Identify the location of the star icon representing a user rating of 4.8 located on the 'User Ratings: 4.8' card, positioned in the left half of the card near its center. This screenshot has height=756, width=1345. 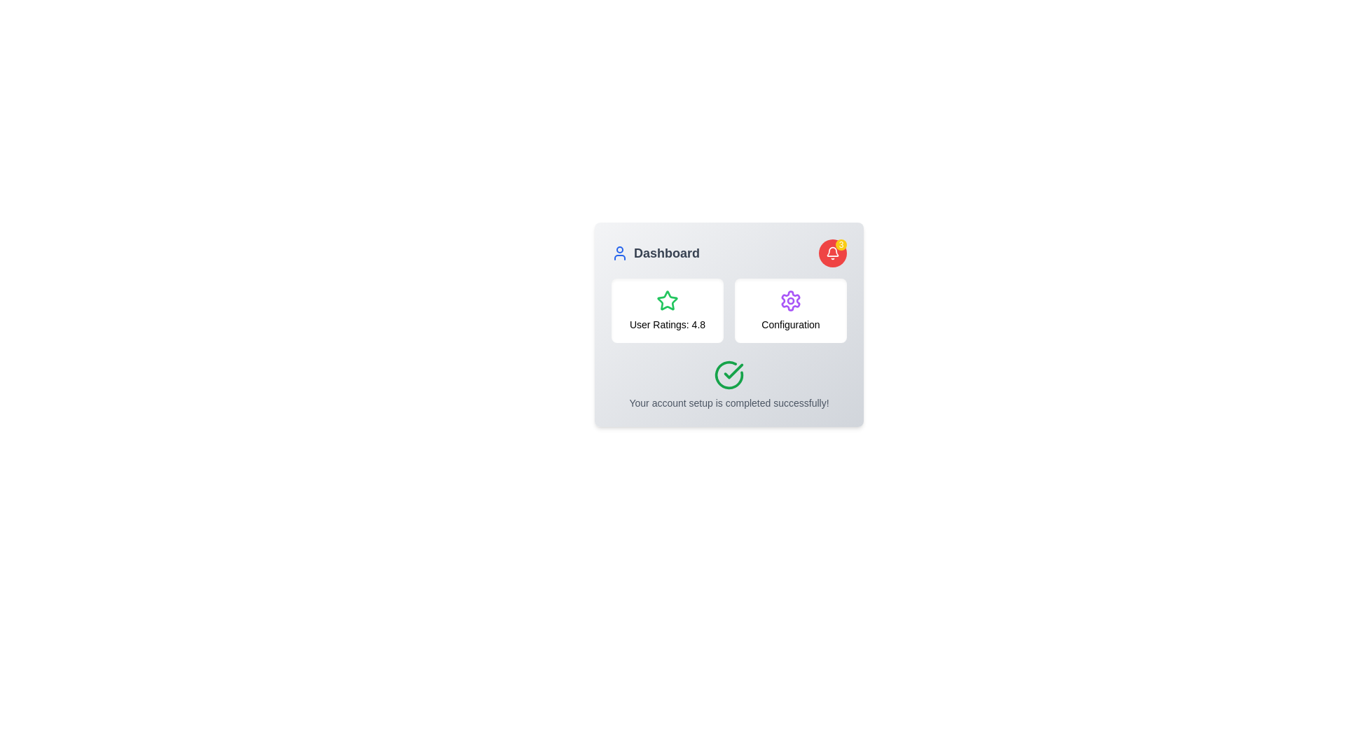
(667, 300).